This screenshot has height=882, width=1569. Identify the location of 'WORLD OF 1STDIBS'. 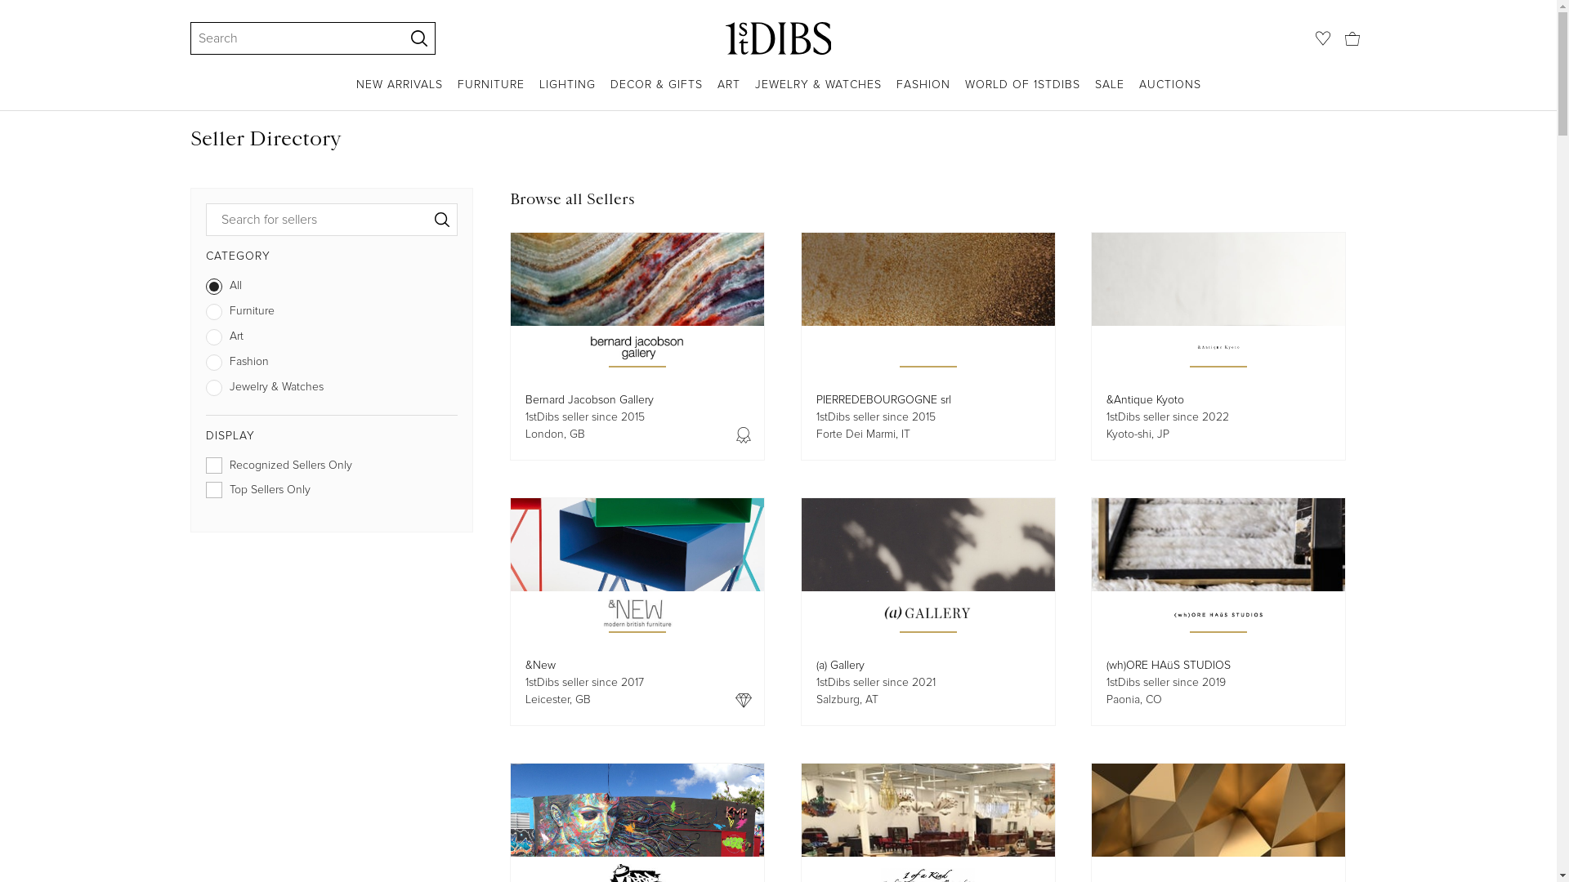
(964, 93).